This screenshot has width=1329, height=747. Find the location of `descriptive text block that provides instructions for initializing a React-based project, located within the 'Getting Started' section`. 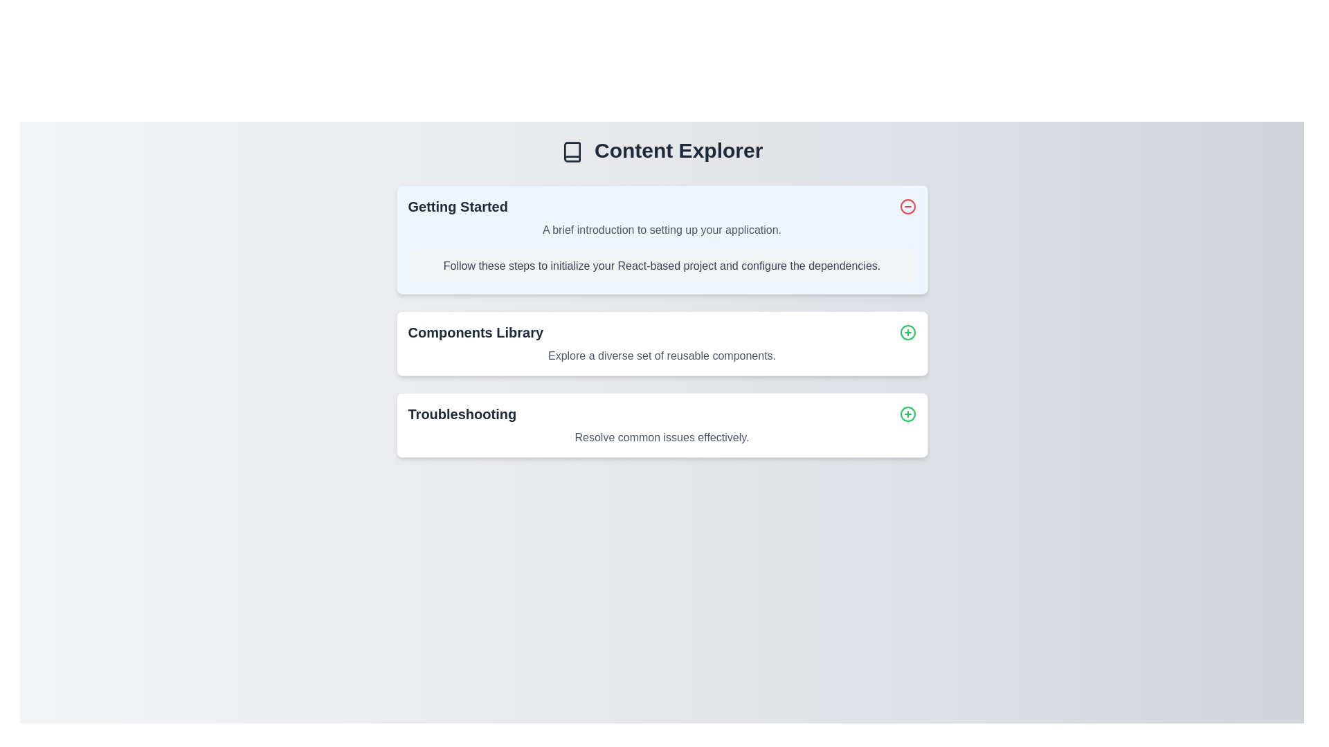

descriptive text block that provides instructions for initializing a React-based project, located within the 'Getting Started' section is located at coordinates (661, 266).